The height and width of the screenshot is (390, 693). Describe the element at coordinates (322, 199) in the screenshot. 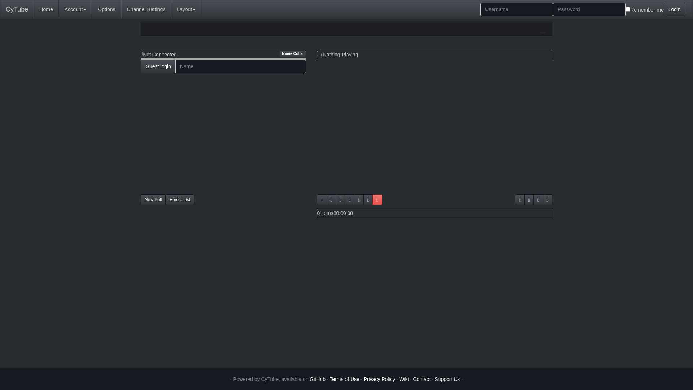

I see `'Add video from URL'` at that location.